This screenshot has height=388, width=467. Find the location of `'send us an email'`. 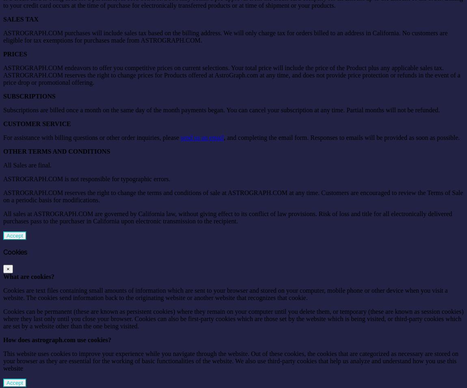

'send us an email' is located at coordinates (202, 137).